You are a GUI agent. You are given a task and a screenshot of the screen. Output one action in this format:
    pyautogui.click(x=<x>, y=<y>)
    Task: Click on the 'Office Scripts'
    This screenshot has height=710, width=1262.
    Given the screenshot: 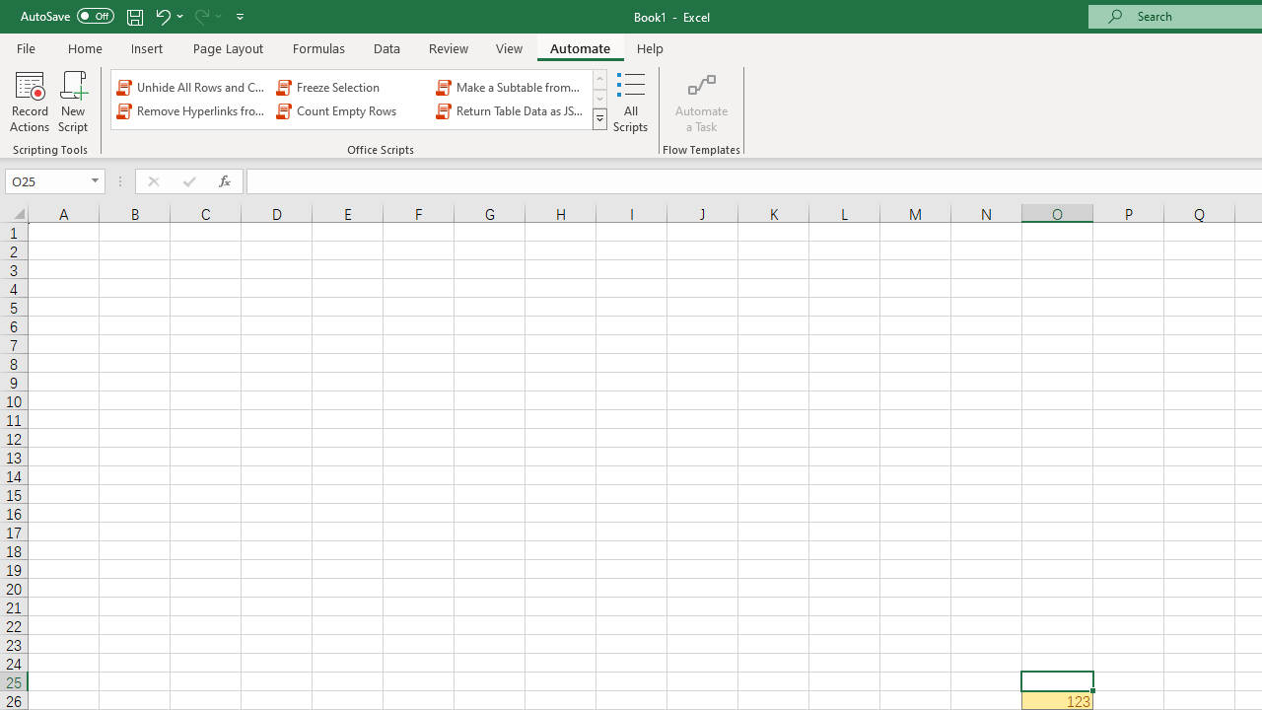 What is the action you would take?
    pyautogui.click(x=598, y=118)
    